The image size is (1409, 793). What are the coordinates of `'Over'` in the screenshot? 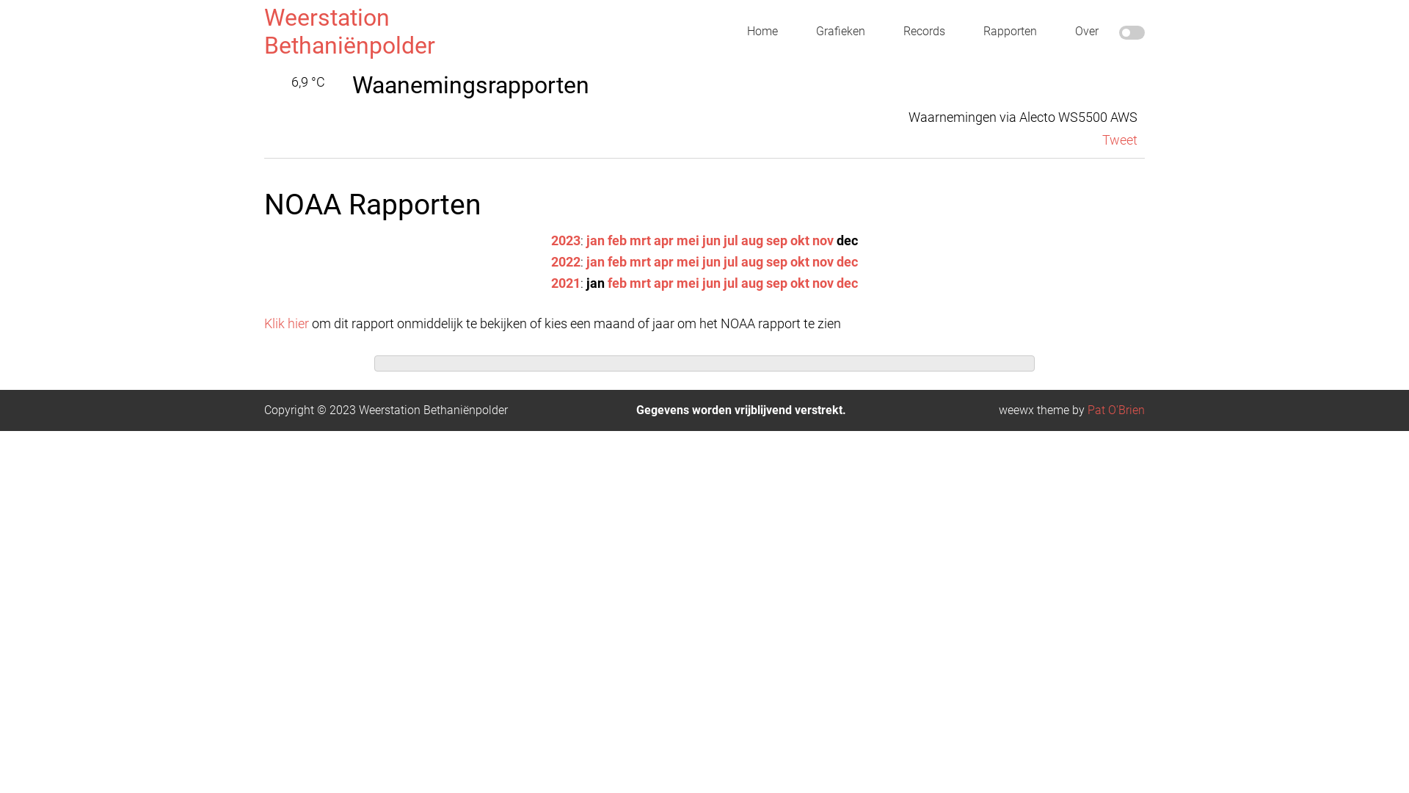 It's located at (1087, 31).